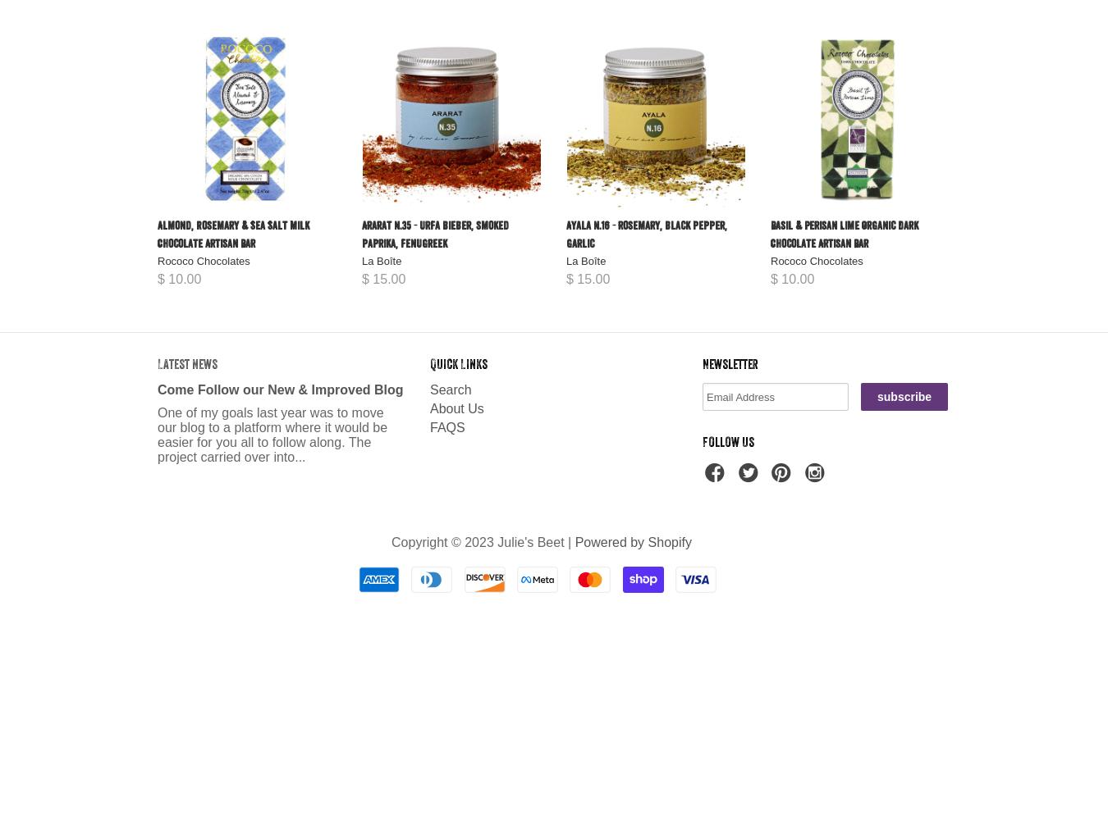 This screenshot has width=1108, height=820. What do you see at coordinates (483, 542) in the screenshot?
I see `'Copyright © 2023 Julie's Beet |'` at bounding box center [483, 542].